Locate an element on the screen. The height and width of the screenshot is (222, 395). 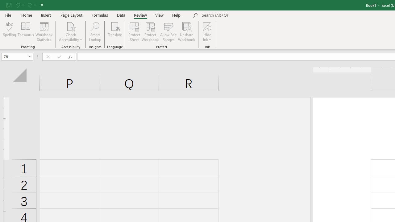
'Help' is located at coordinates (176, 15).